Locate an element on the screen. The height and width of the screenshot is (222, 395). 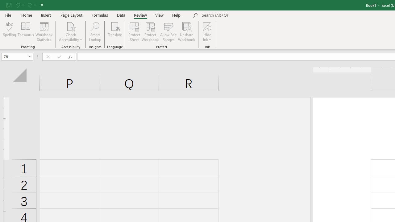
'Help' is located at coordinates (176, 15).